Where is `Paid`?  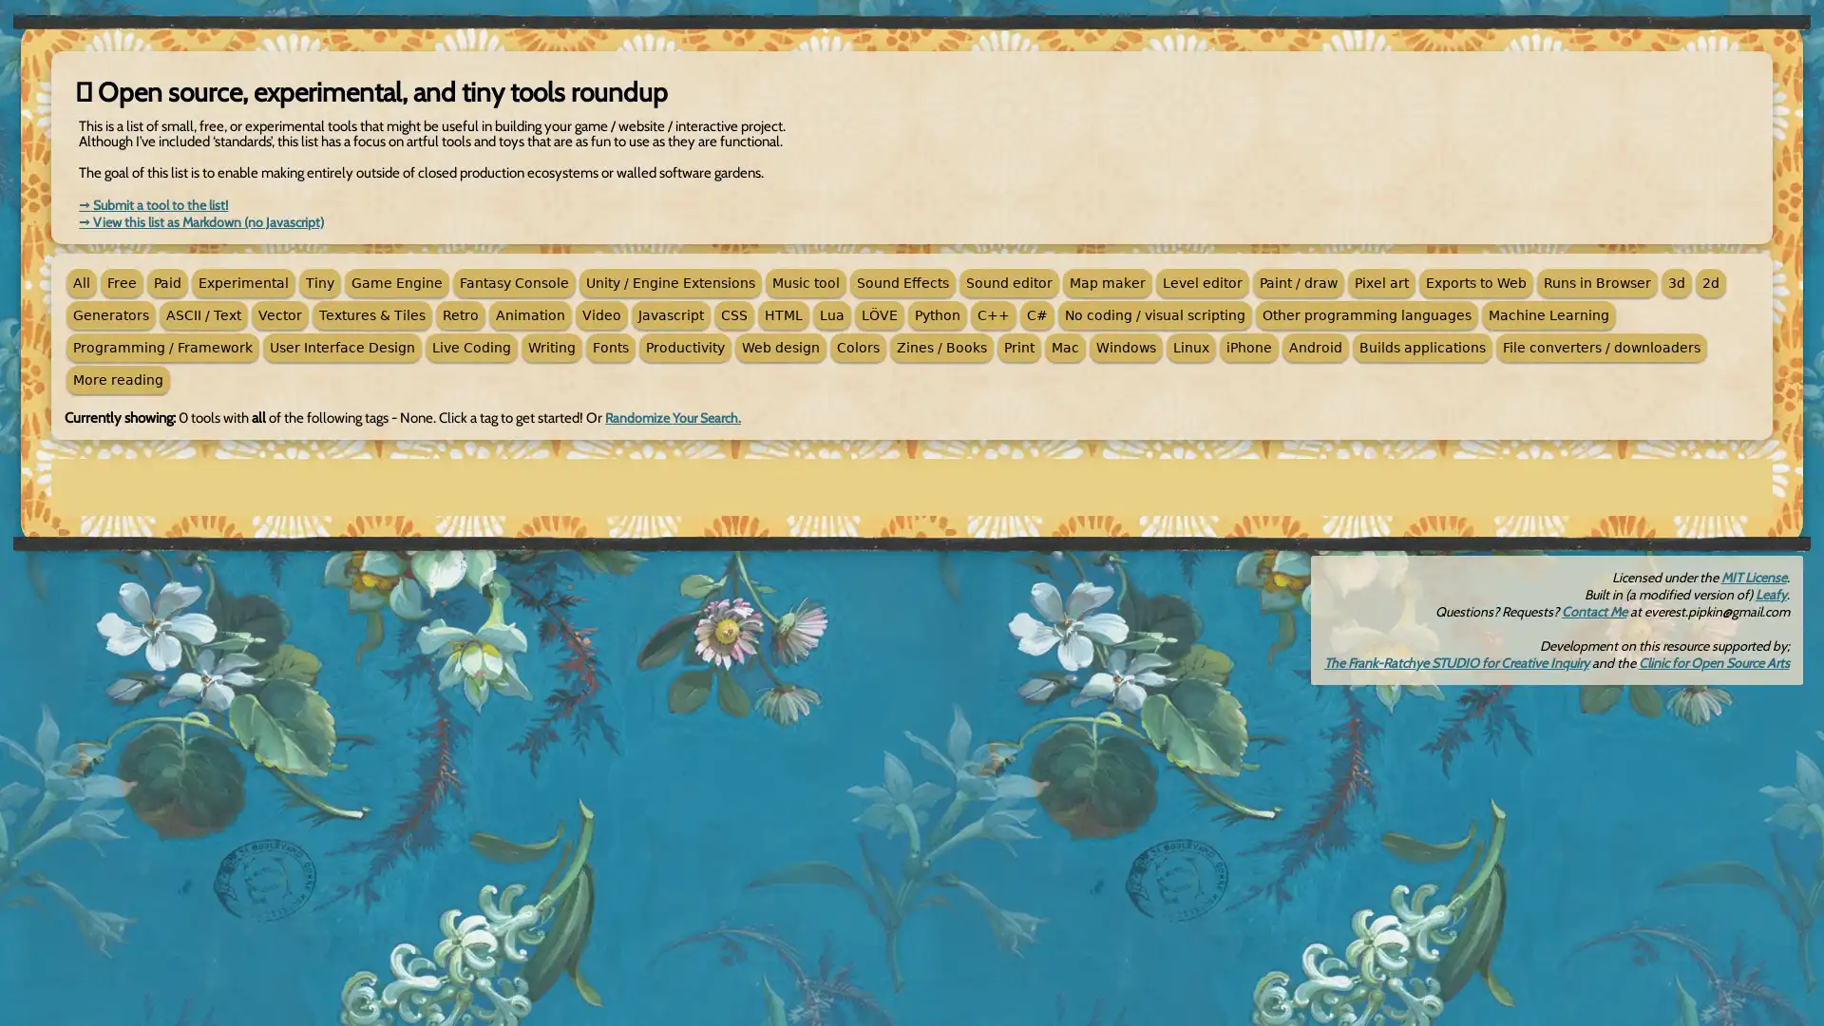
Paid is located at coordinates (167, 282).